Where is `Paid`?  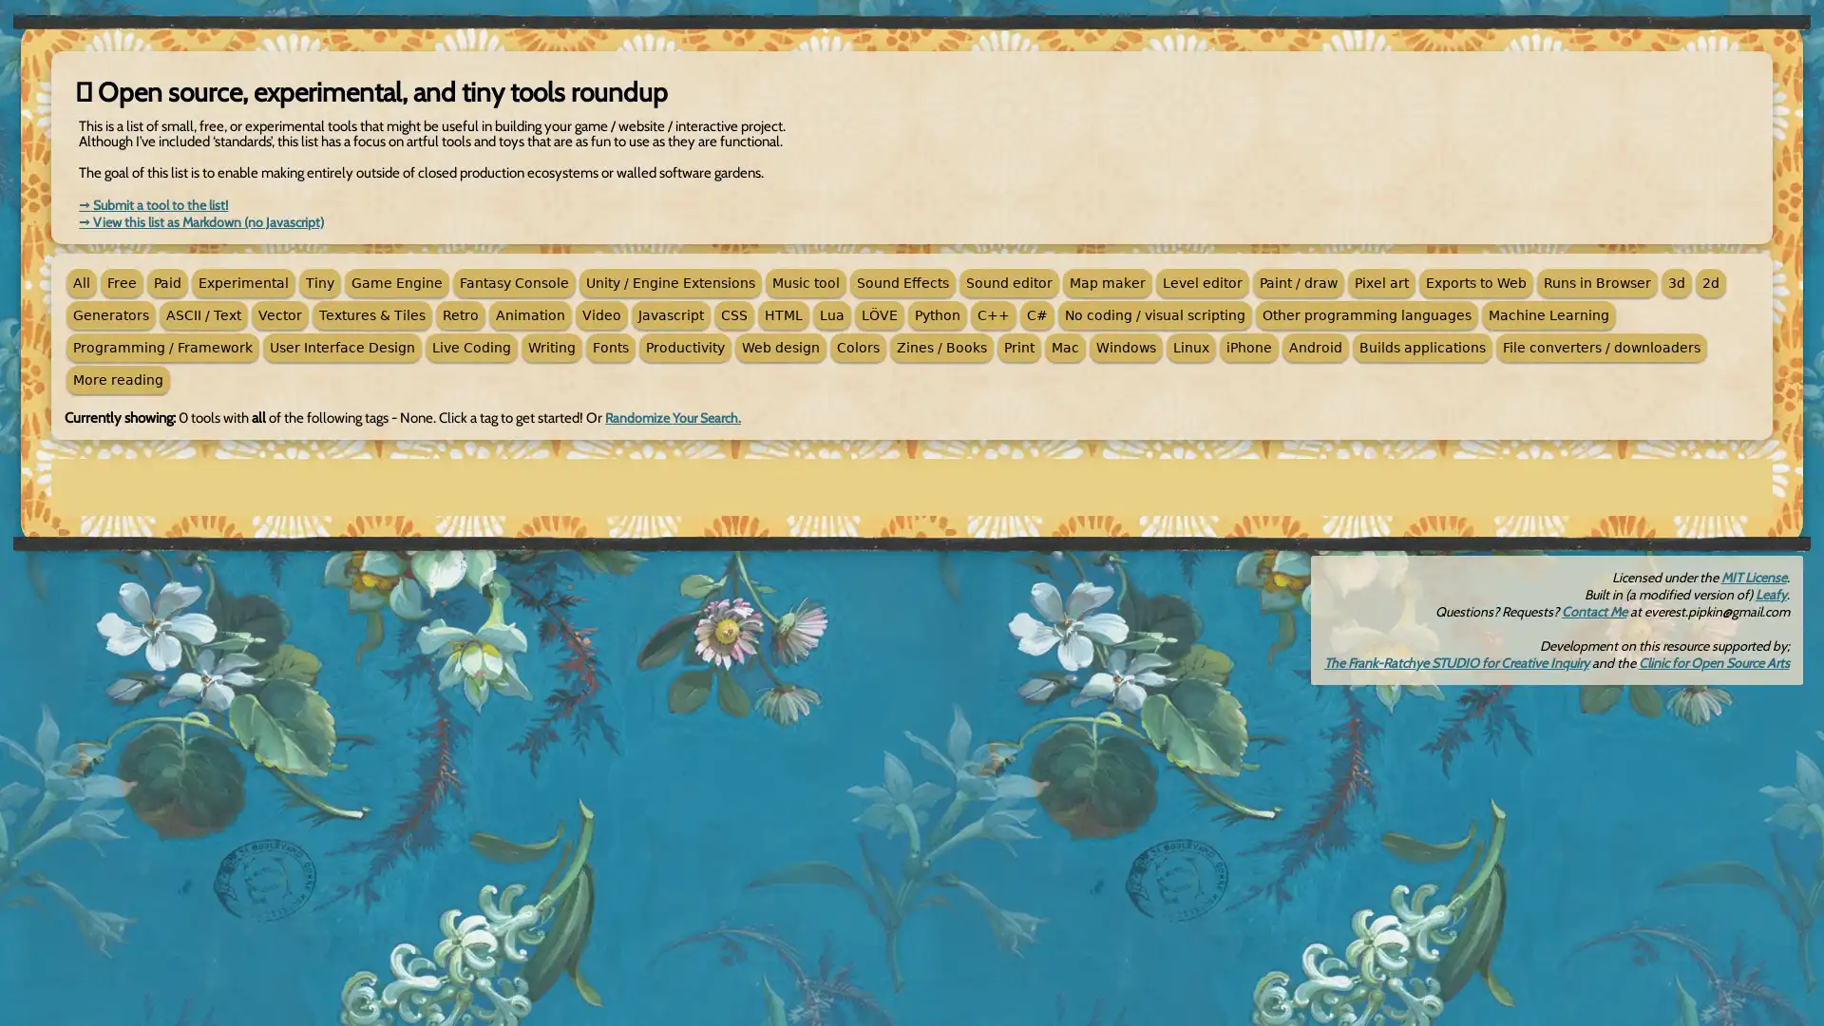
Paid is located at coordinates (167, 282).